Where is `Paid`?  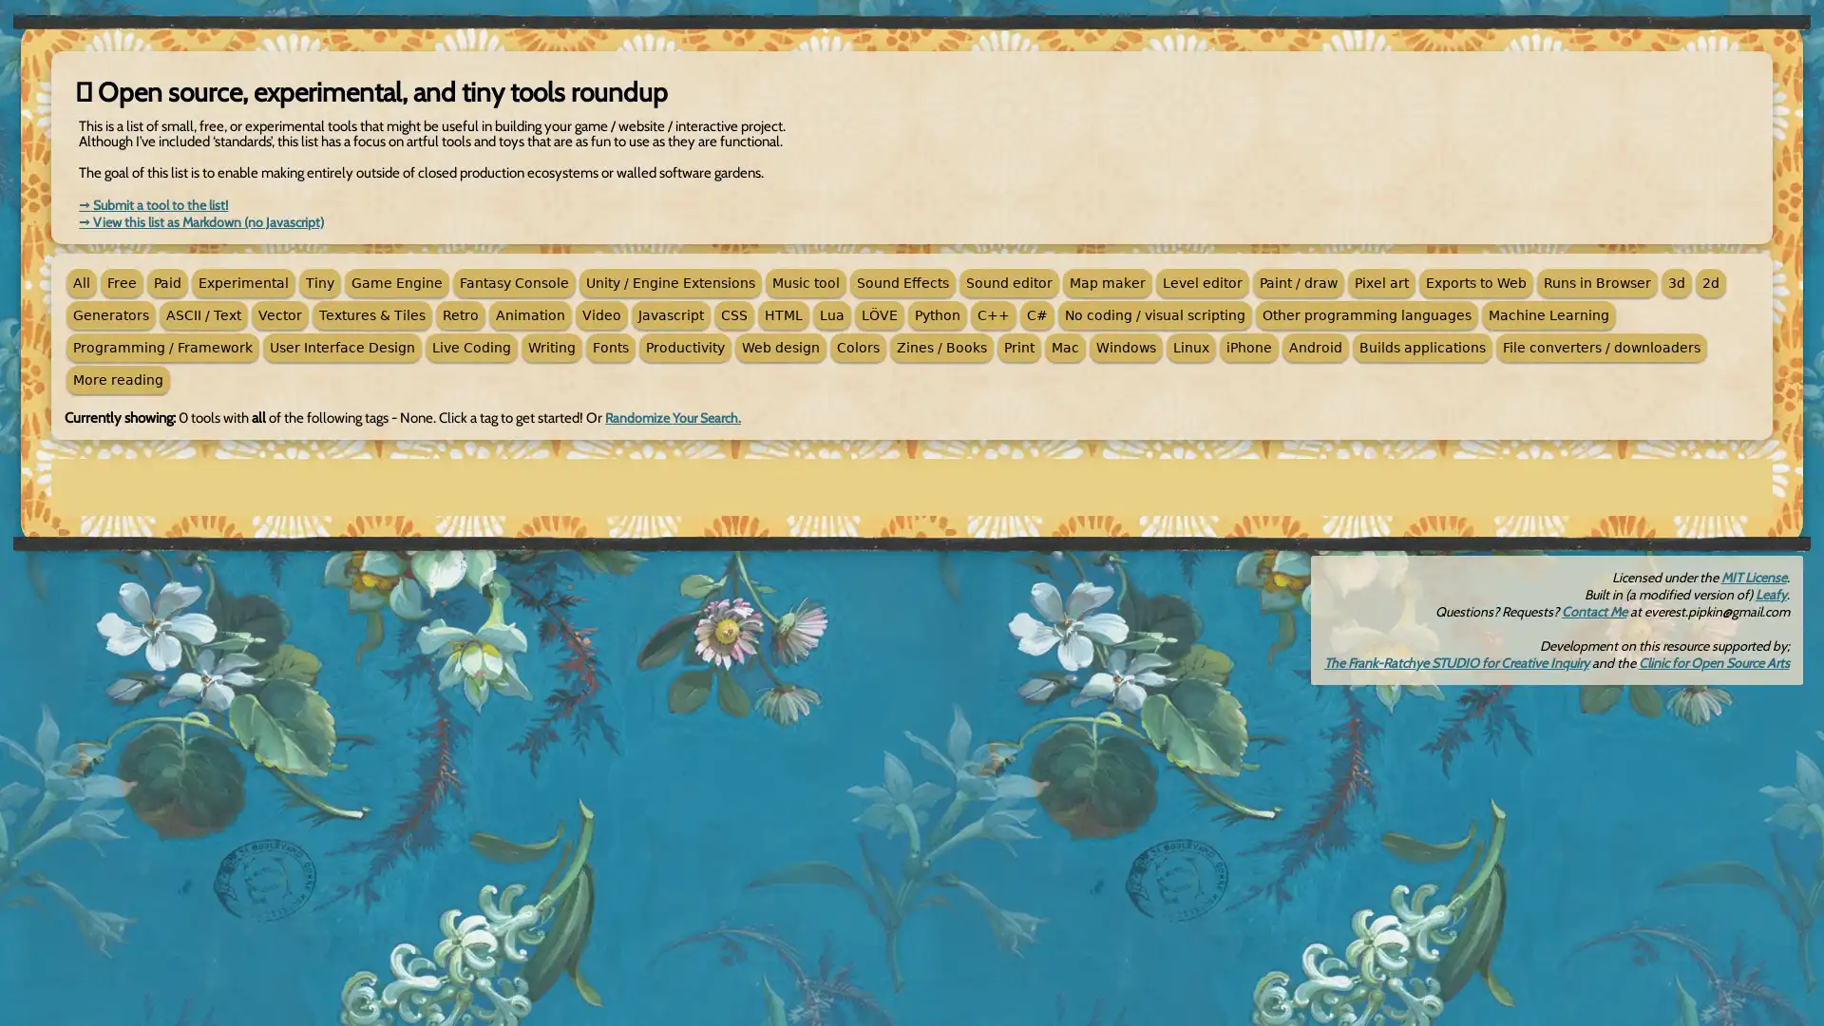
Paid is located at coordinates (167, 282).